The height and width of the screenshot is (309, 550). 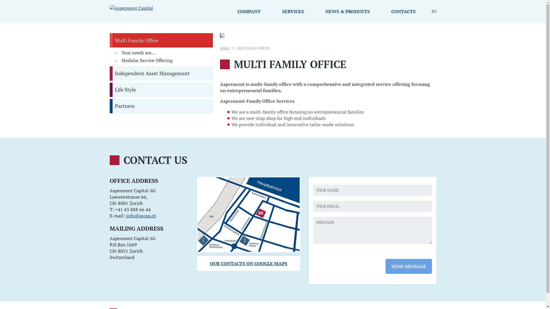 I want to click on 'EN', so click(x=433, y=11).